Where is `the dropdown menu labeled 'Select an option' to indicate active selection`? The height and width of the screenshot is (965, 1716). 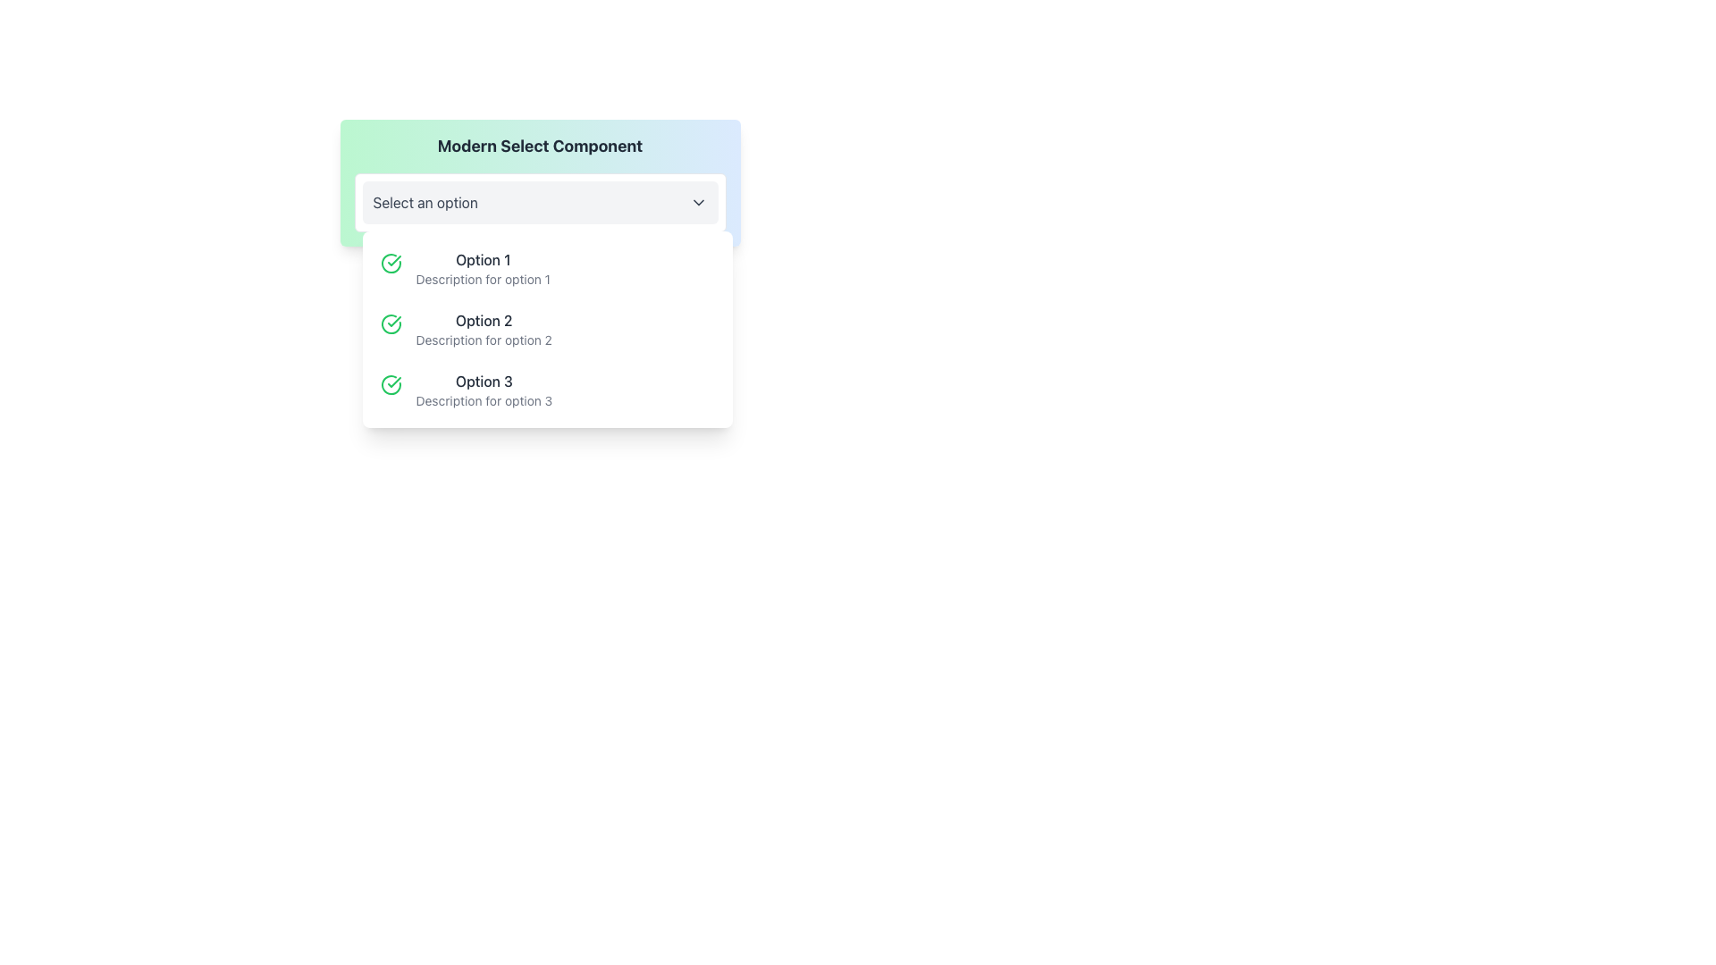 the dropdown menu labeled 'Select an option' to indicate active selection is located at coordinates (539, 202).